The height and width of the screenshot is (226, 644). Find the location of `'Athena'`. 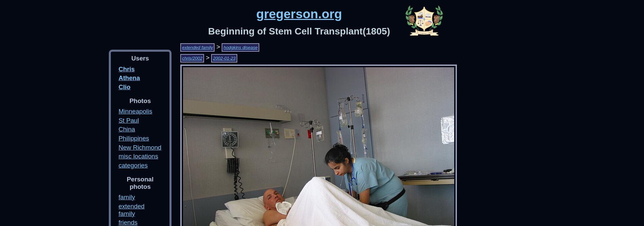

'Athena' is located at coordinates (128, 78).